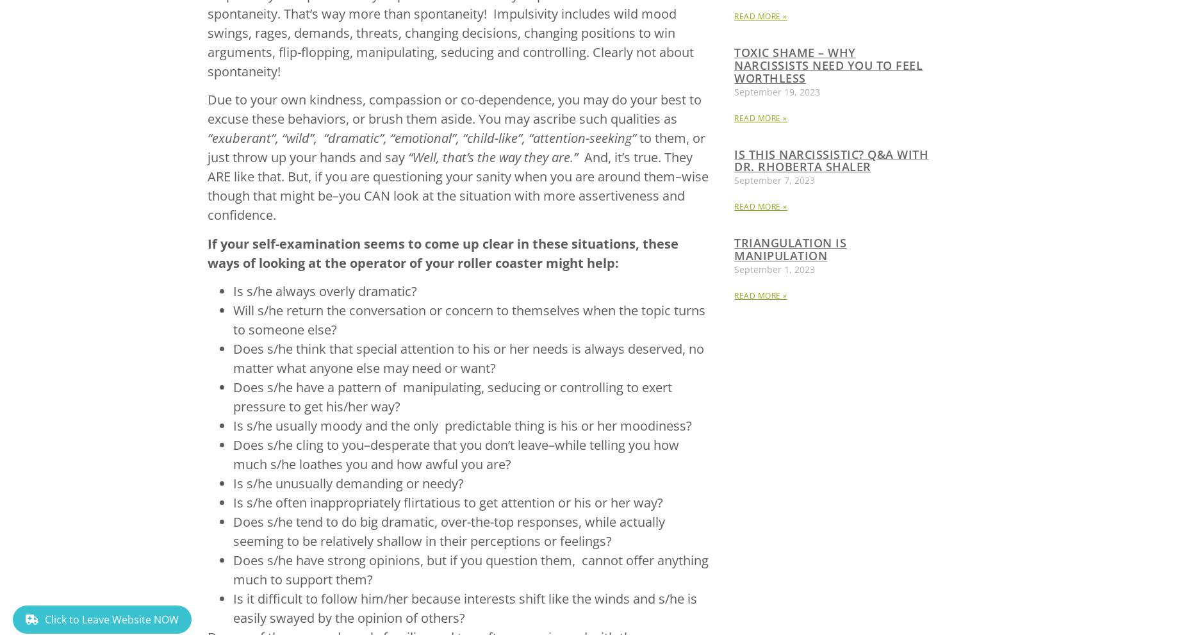 This screenshot has height=635, width=1184. I want to click on 'Does s/he cling to you–desperate that you don’t leave–while telling you how much s/he loathes you and how awful you are?', so click(455, 454).